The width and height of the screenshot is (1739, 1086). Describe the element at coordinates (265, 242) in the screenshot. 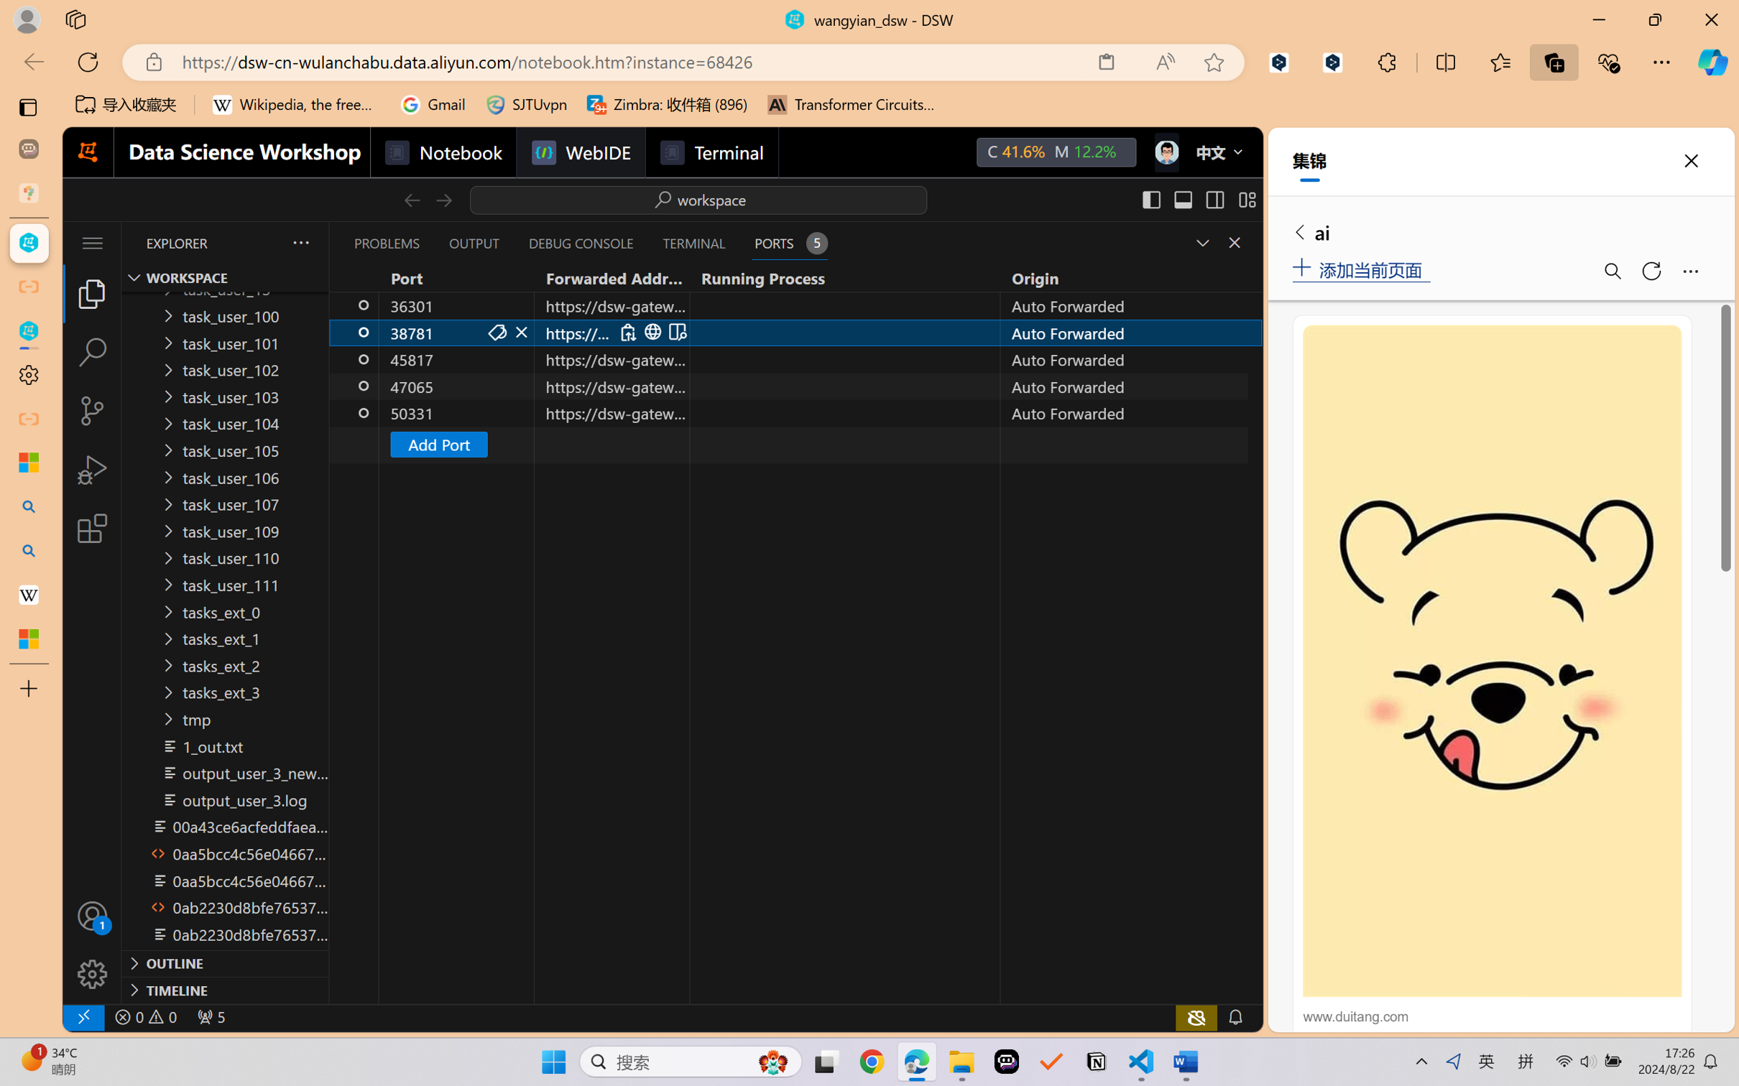

I see `'Explorer actions'` at that location.